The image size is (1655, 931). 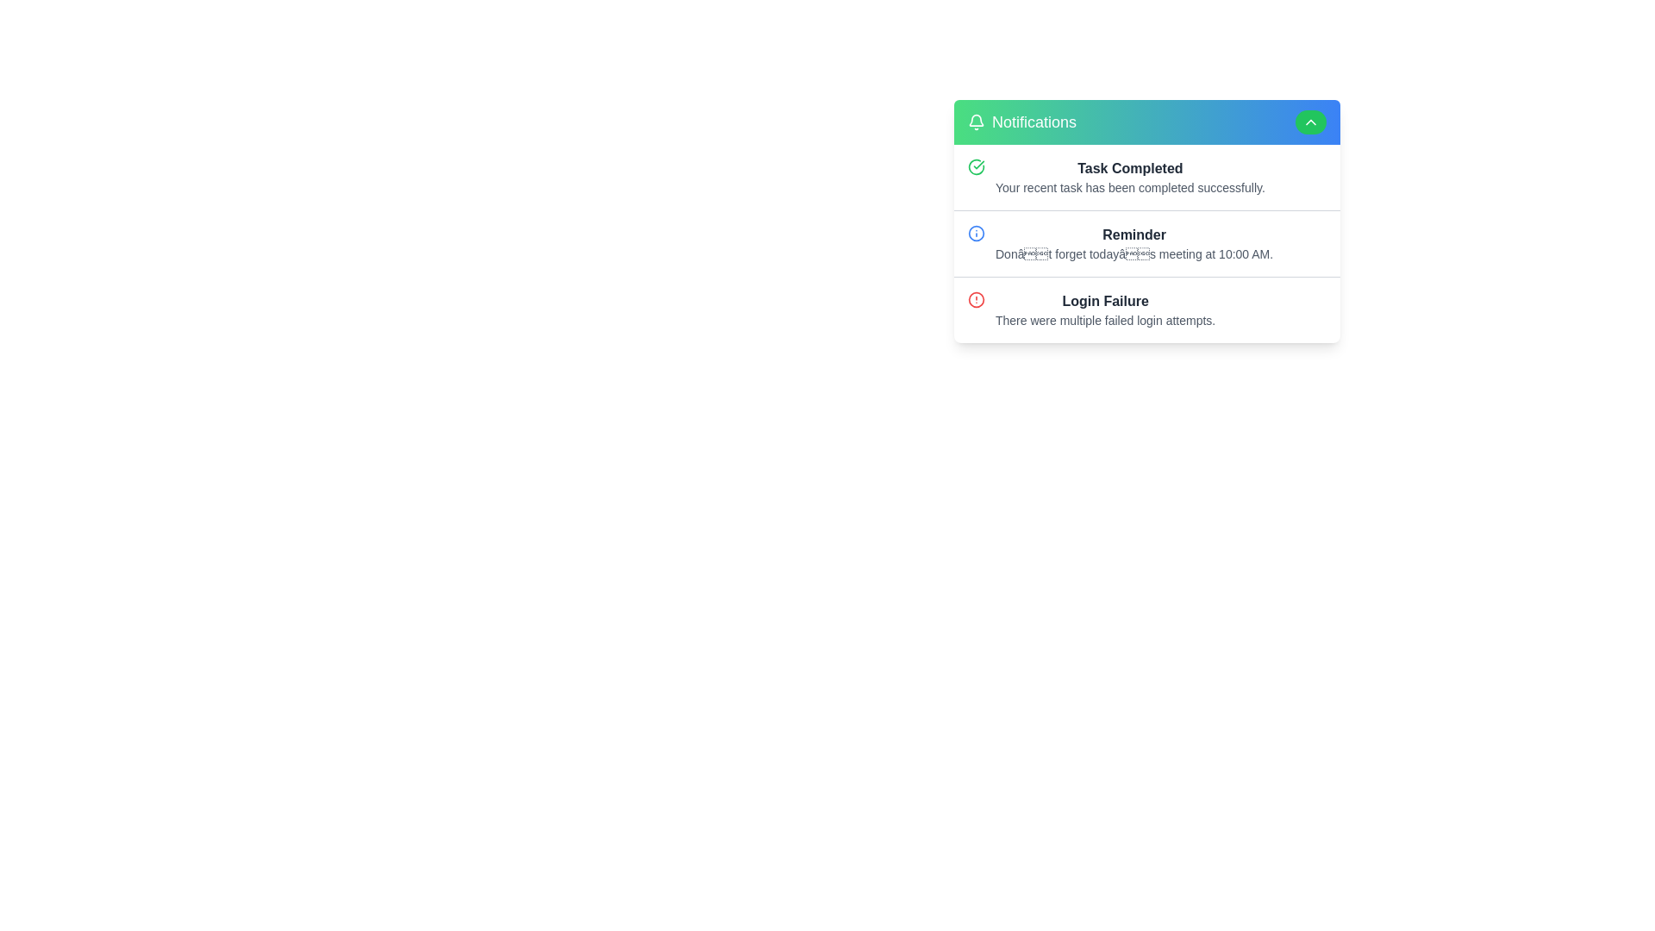 I want to click on any associated links in the first notification card that indicates 'Task Completed' with a green checkmark icon, so click(x=1146, y=177).